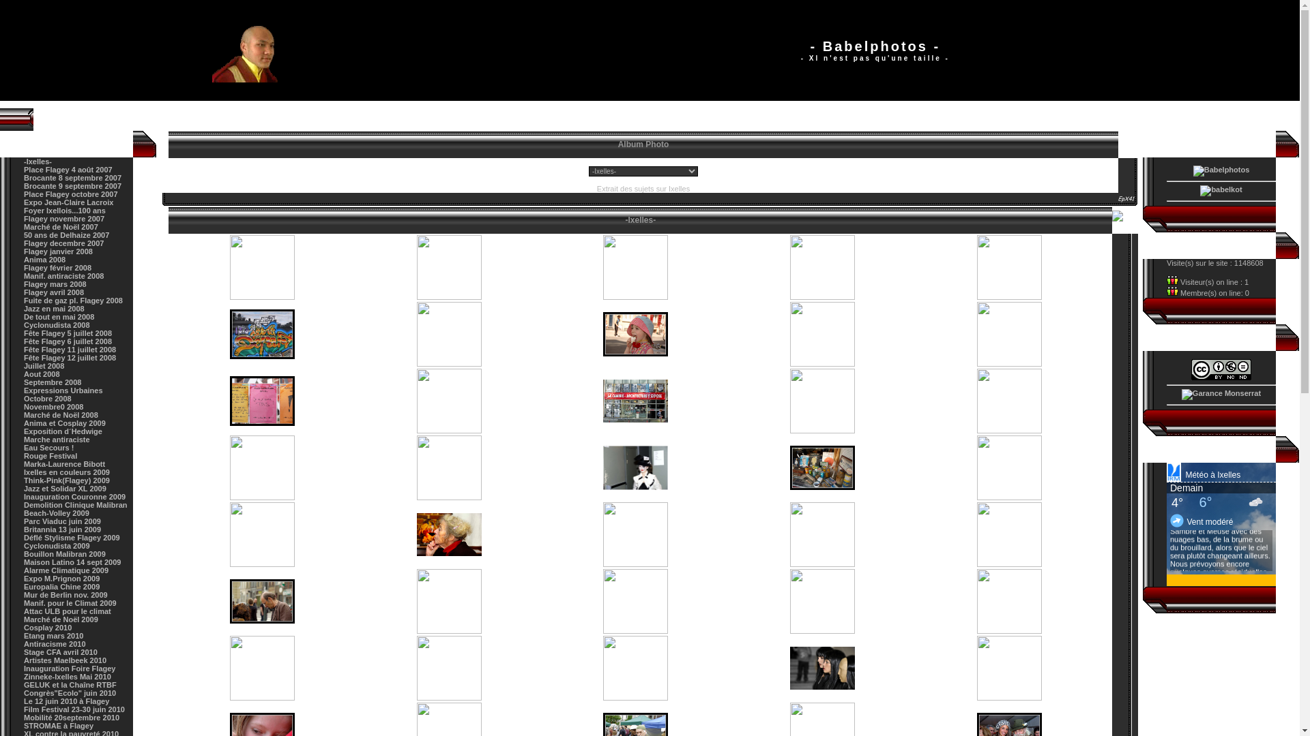 The width and height of the screenshot is (1310, 736). Describe the element at coordinates (74, 504) in the screenshot. I see `'Demolition Clinique Malibran'` at that location.